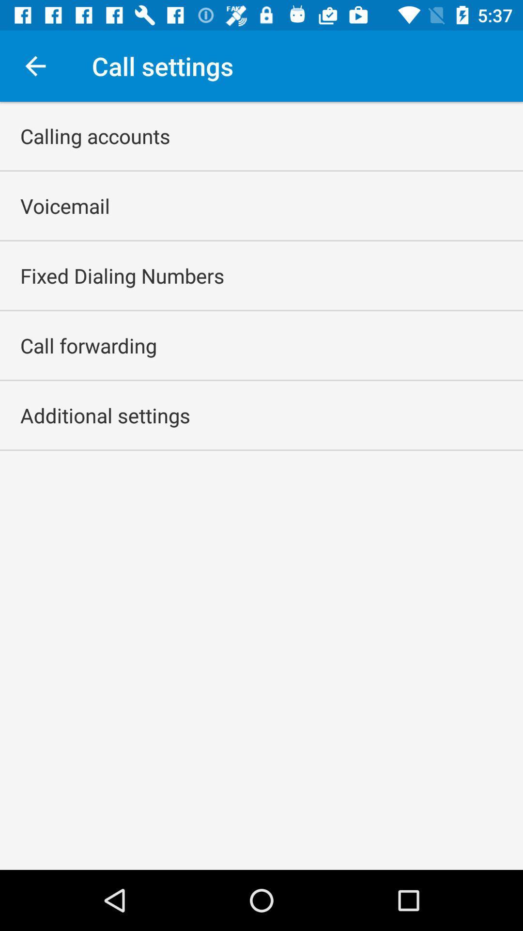  I want to click on the voicemail icon, so click(65, 205).